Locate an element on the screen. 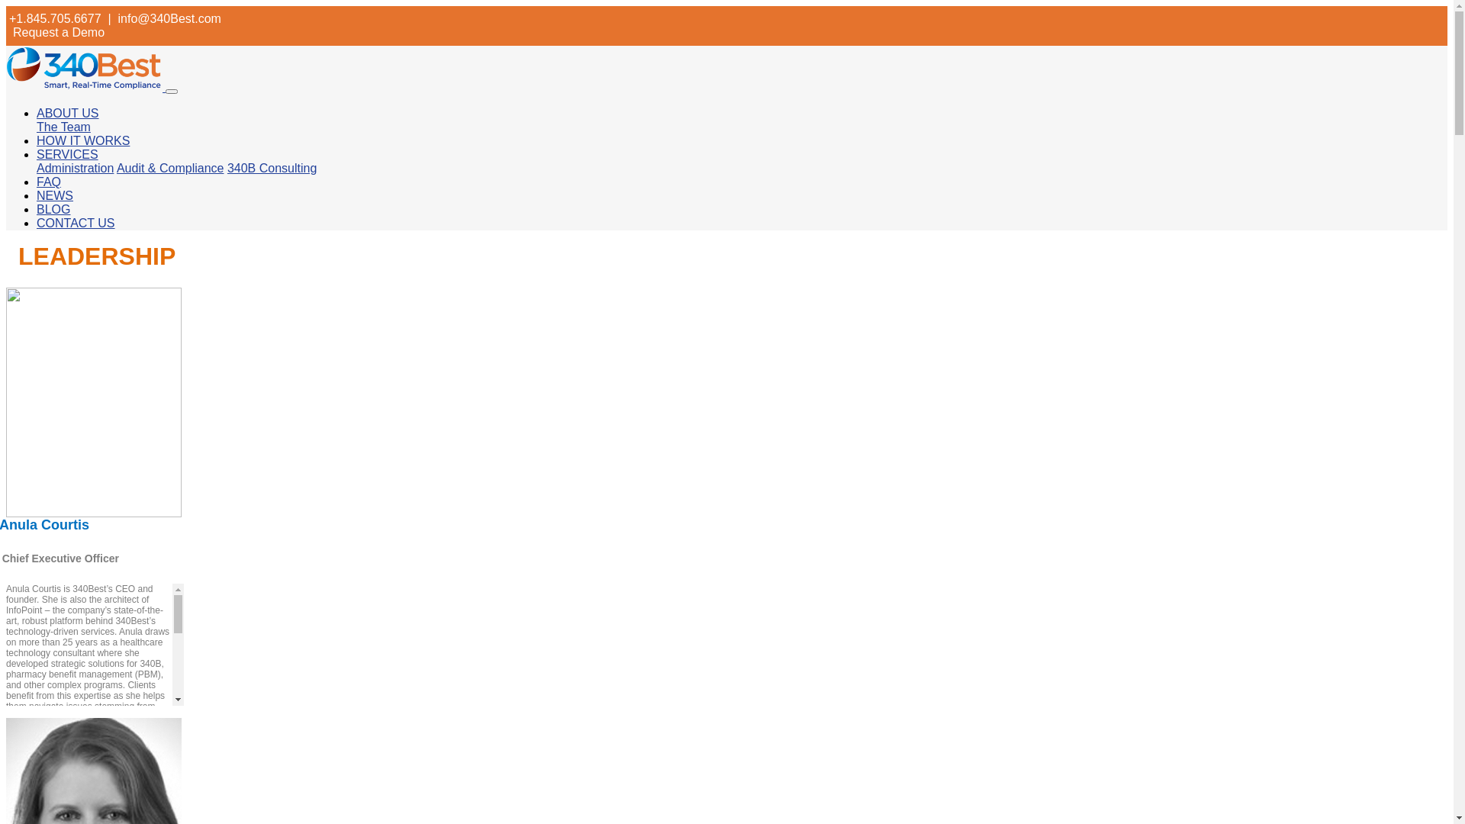 Image resolution: width=1465 pixels, height=824 pixels. 'NEWS' is located at coordinates (55, 195).